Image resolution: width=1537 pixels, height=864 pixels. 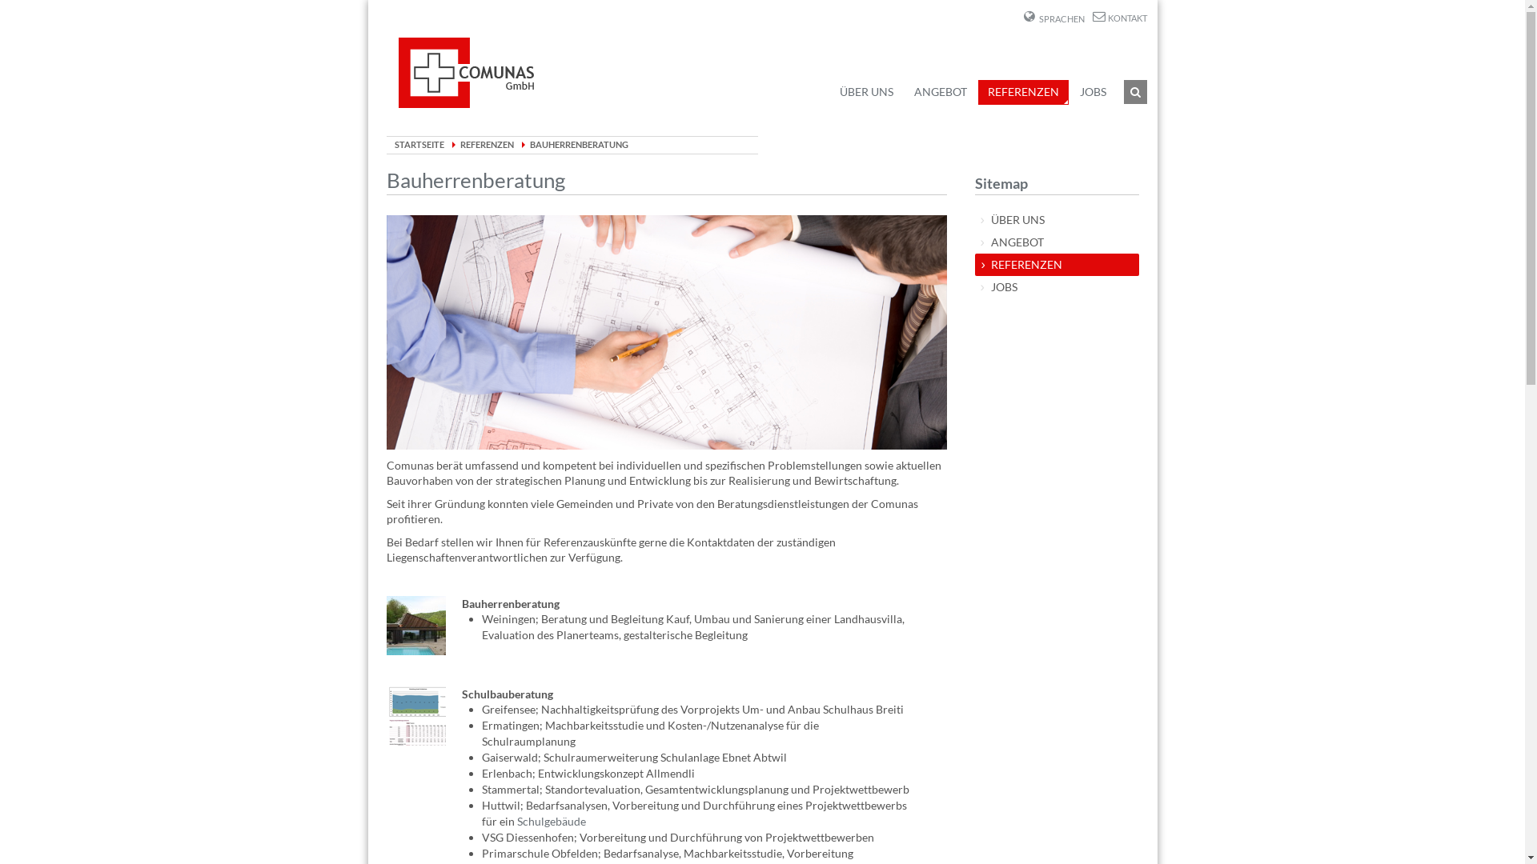 I want to click on 'Bauherrenberatung', so click(x=385, y=179).